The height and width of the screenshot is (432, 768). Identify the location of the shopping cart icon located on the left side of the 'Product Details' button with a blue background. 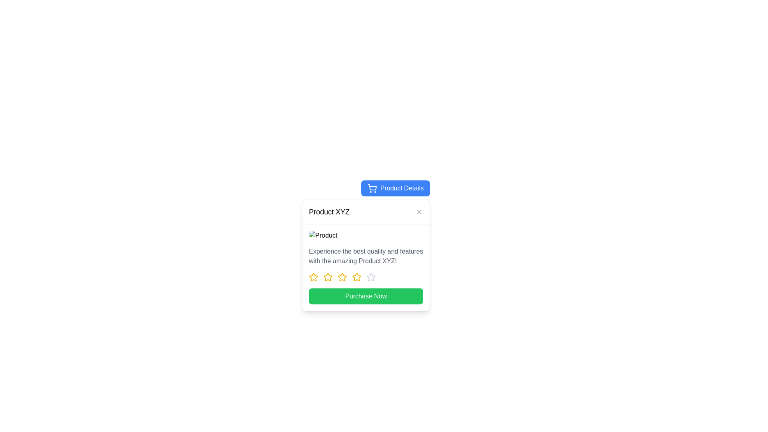
(372, 188).